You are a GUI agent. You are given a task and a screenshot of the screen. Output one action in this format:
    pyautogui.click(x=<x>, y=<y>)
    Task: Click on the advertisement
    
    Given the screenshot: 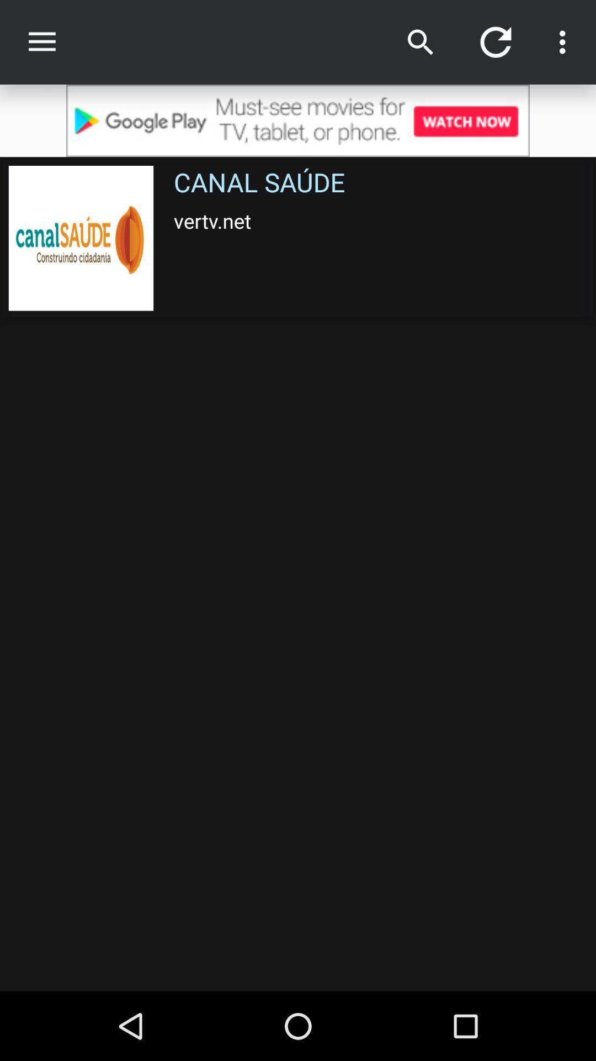 What is the action you would take?
    pyautogui.click(x=298, y=120)
    